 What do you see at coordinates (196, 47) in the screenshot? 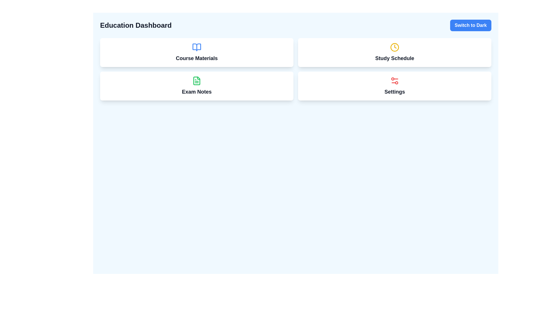
I see `the 'Course Materials' icon located at the top-left quadrant of the dashboard, which serves as the access point for course-related materials` at bounding box center [196, 47].